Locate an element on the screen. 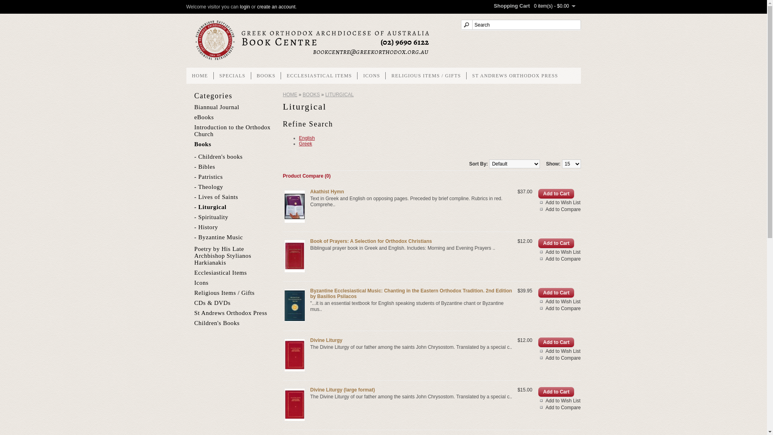 This screenshot has height=435, width=773. 'Icons' is located at coordinates (201, 282).